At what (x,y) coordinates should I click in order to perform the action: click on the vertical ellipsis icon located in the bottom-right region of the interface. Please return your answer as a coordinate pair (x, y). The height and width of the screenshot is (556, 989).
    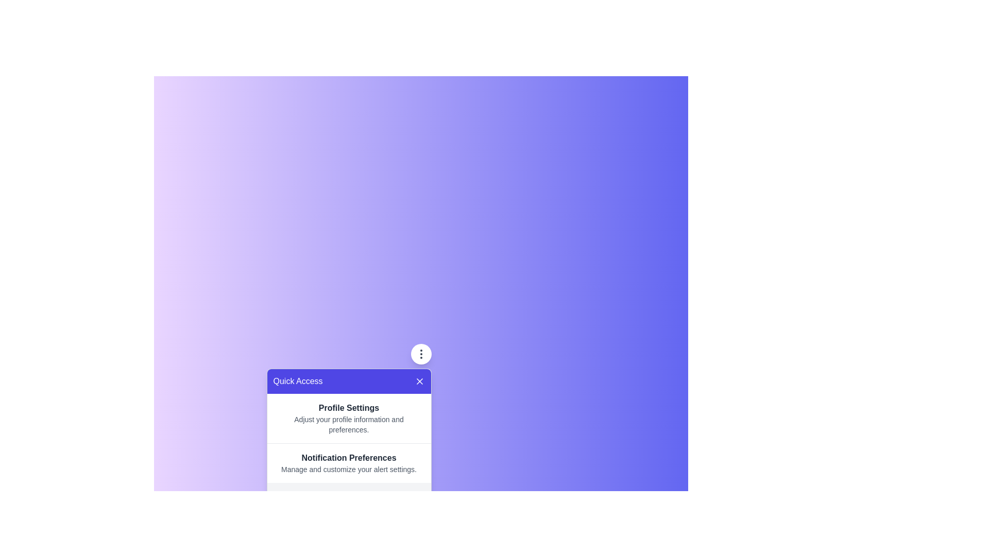
    Looking at the image, I should click on (421, 353).